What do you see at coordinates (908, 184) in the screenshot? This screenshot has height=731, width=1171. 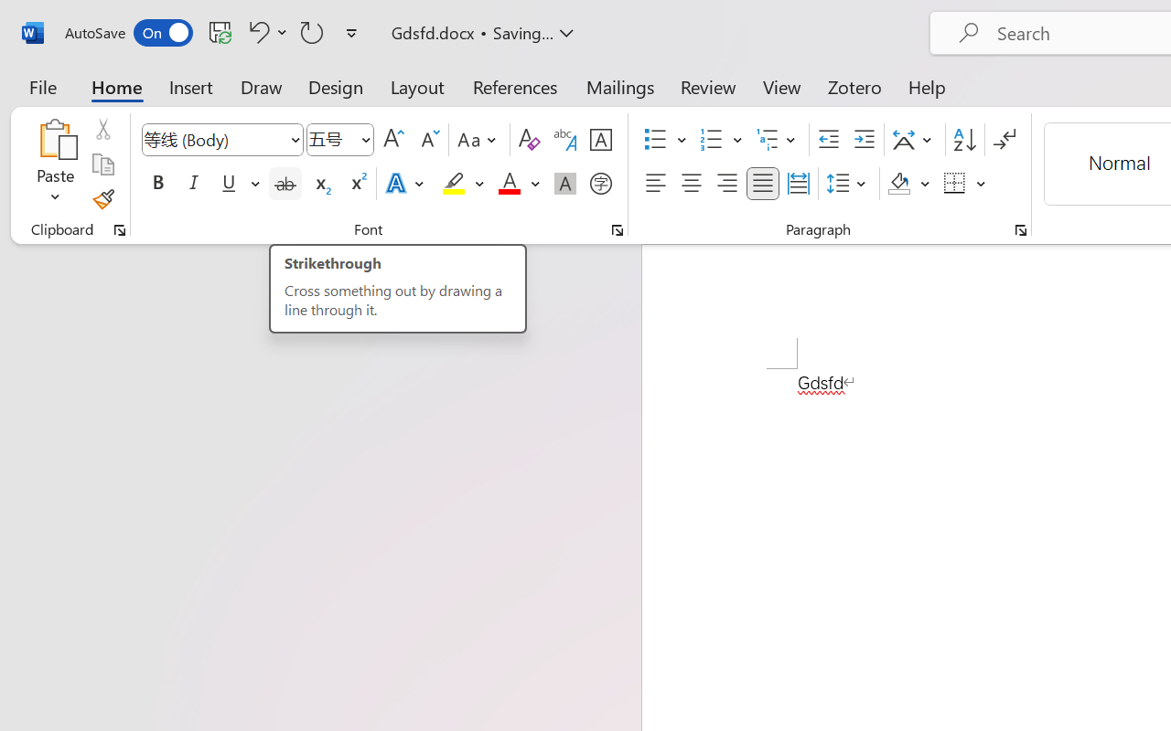 I see `'Shading'` at bounding box center [908, 184].